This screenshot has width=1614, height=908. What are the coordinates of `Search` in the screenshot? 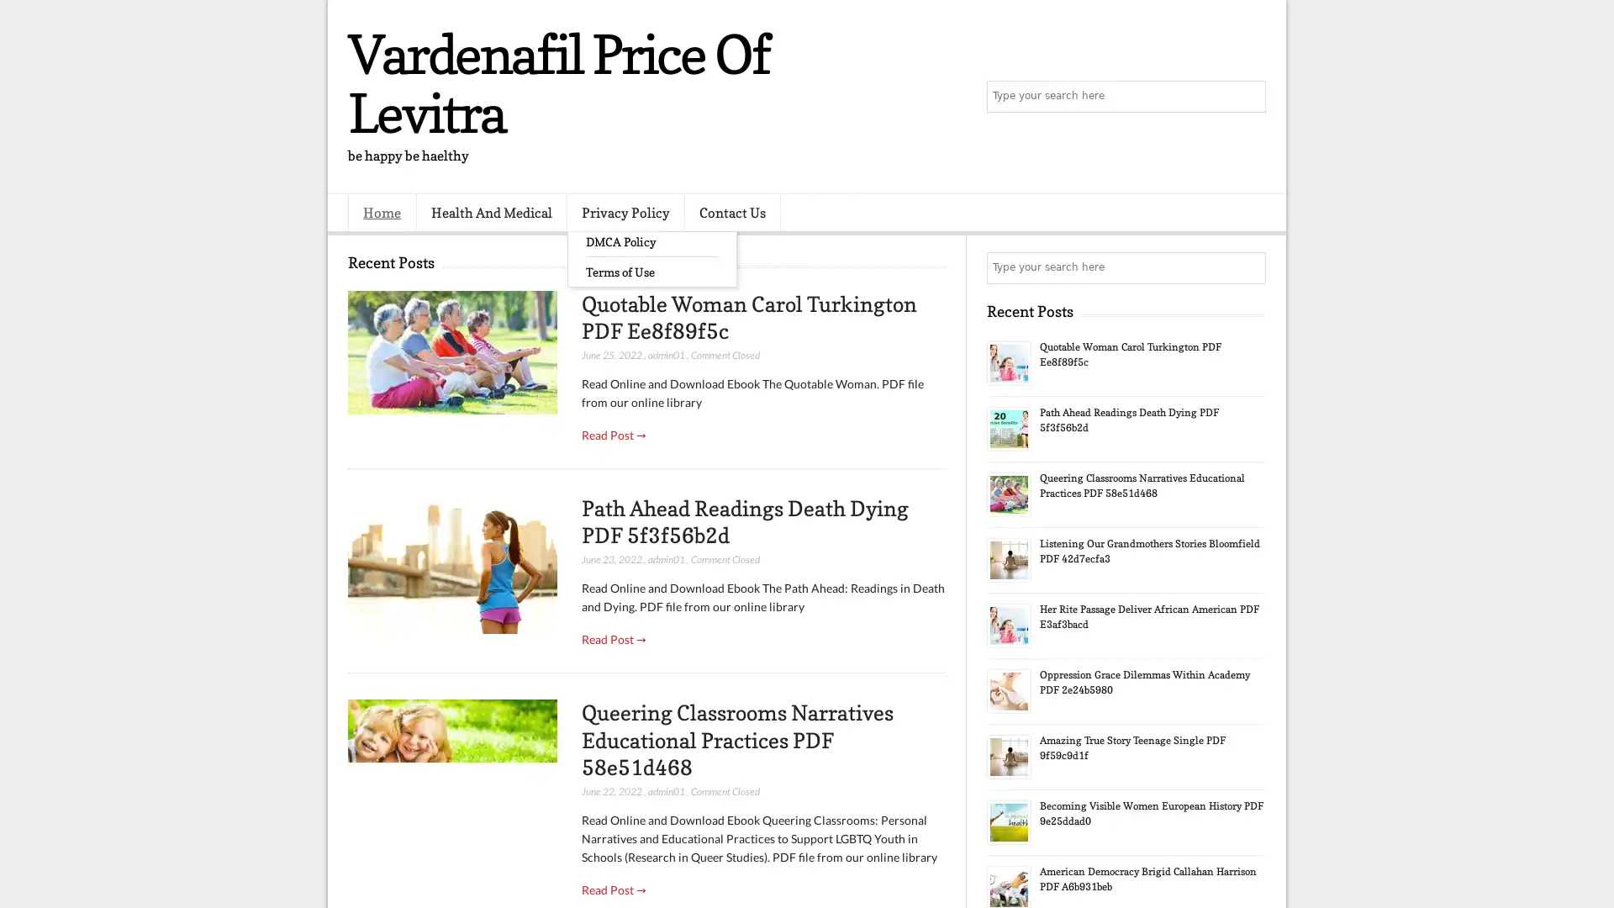 It's located at (1248, 267).